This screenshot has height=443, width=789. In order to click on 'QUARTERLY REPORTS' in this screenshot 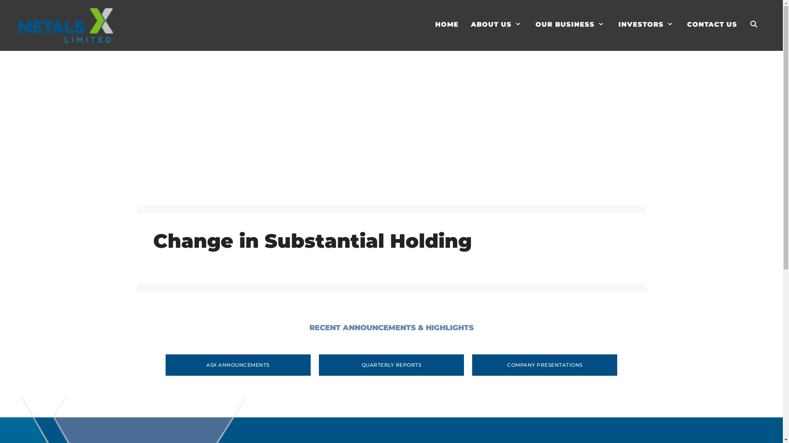, I will do `click(318, 365)`.